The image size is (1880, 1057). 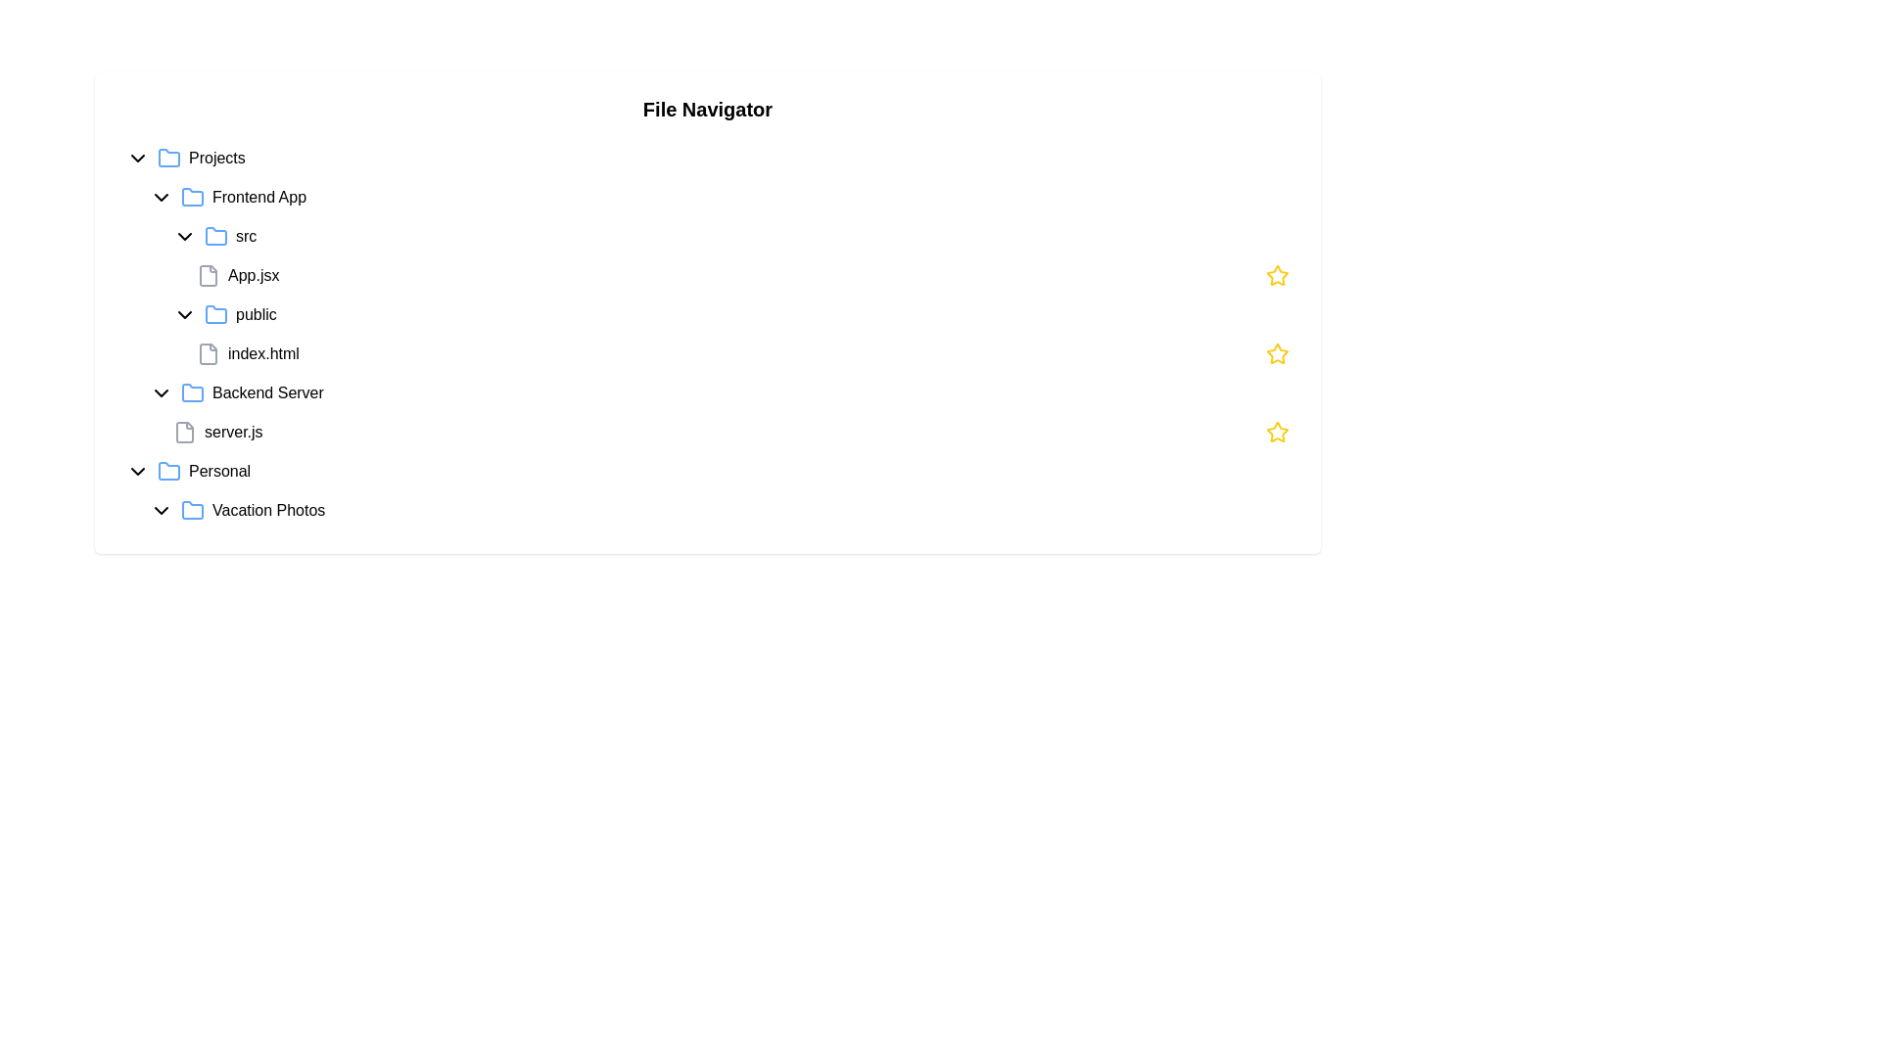 What do you see at coordinates (253, 275) in the screenshot?
I see `the text label displaying 'App.jsx'` at bounding box center [253, 275].